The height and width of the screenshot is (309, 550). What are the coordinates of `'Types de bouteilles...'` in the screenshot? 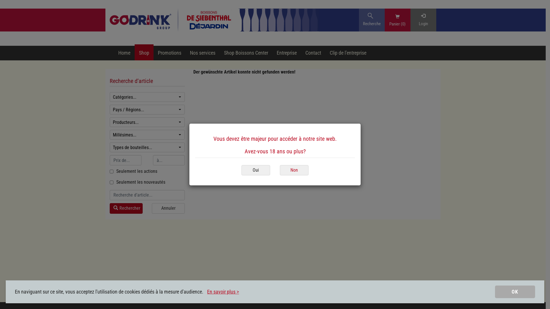 It's located at (109, 147).